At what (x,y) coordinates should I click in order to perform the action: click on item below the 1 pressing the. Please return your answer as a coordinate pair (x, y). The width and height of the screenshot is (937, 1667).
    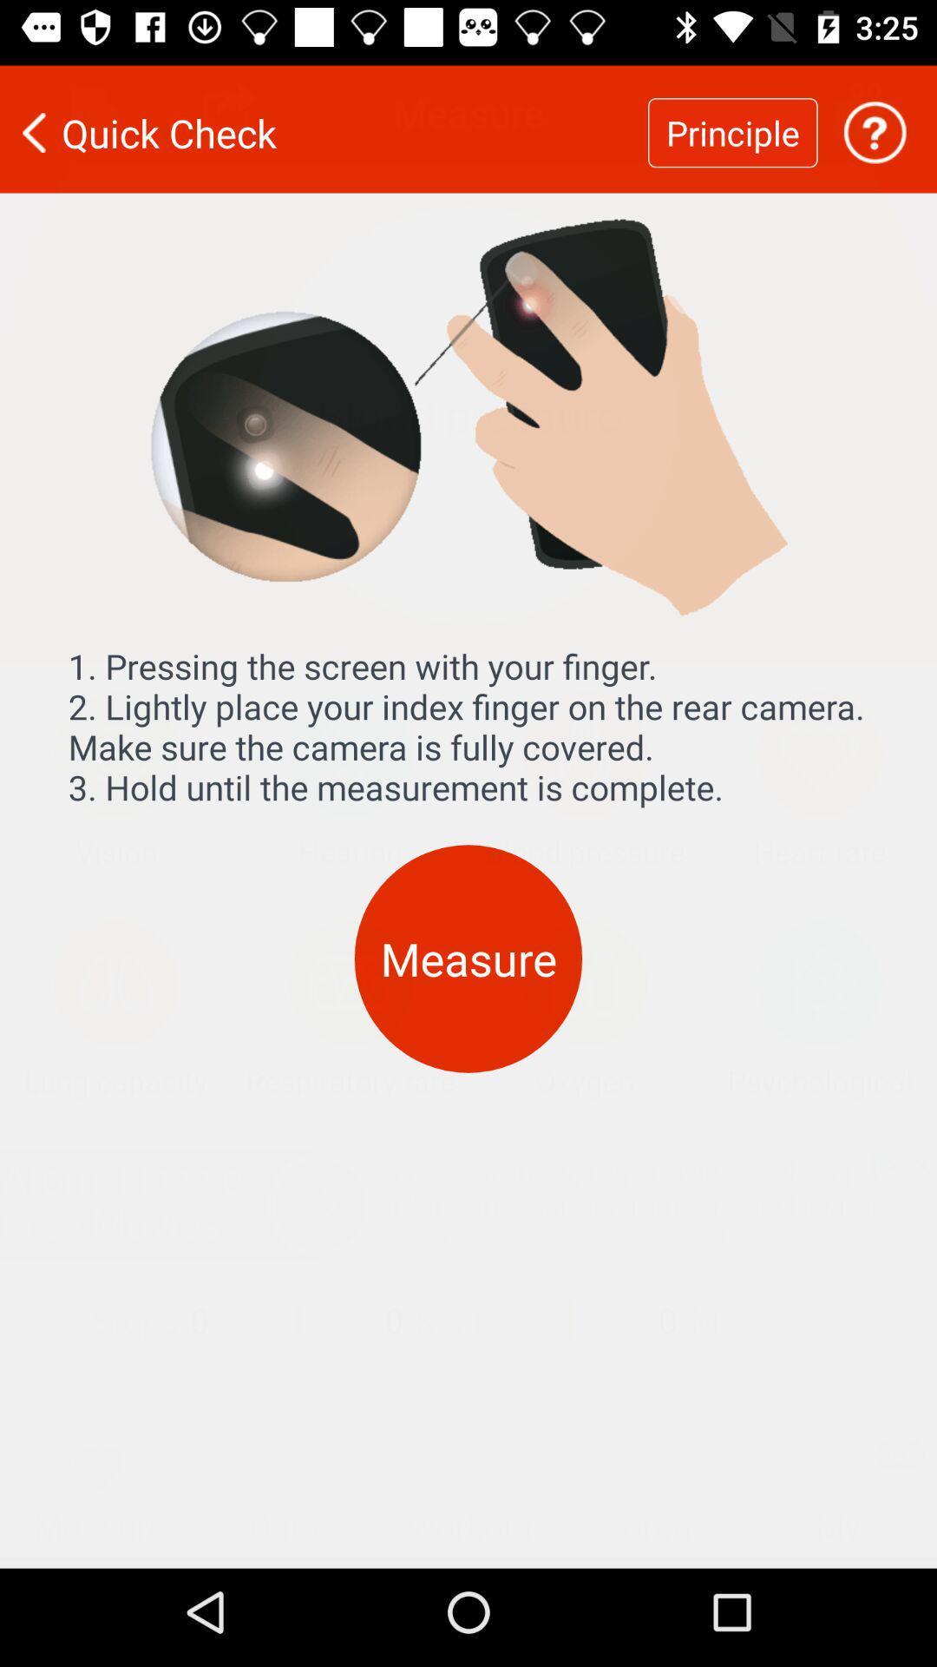
    Looking at the image, I should click on (468, 947).